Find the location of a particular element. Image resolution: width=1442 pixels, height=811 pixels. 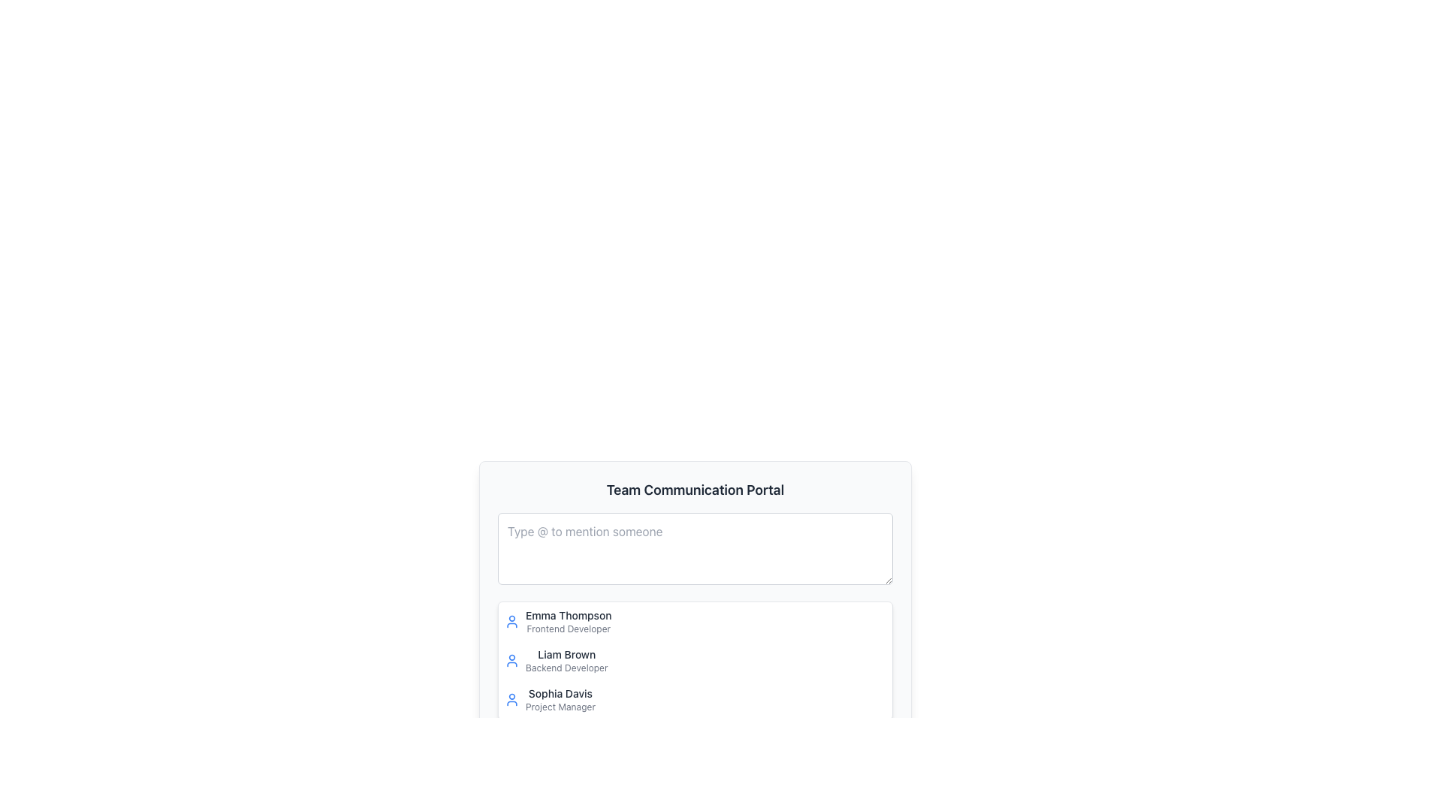

the static text label displaying the name 'Sophia Davis', which is located in the lower part of the vertical list in the main content area is located at coordinates (560, 694).